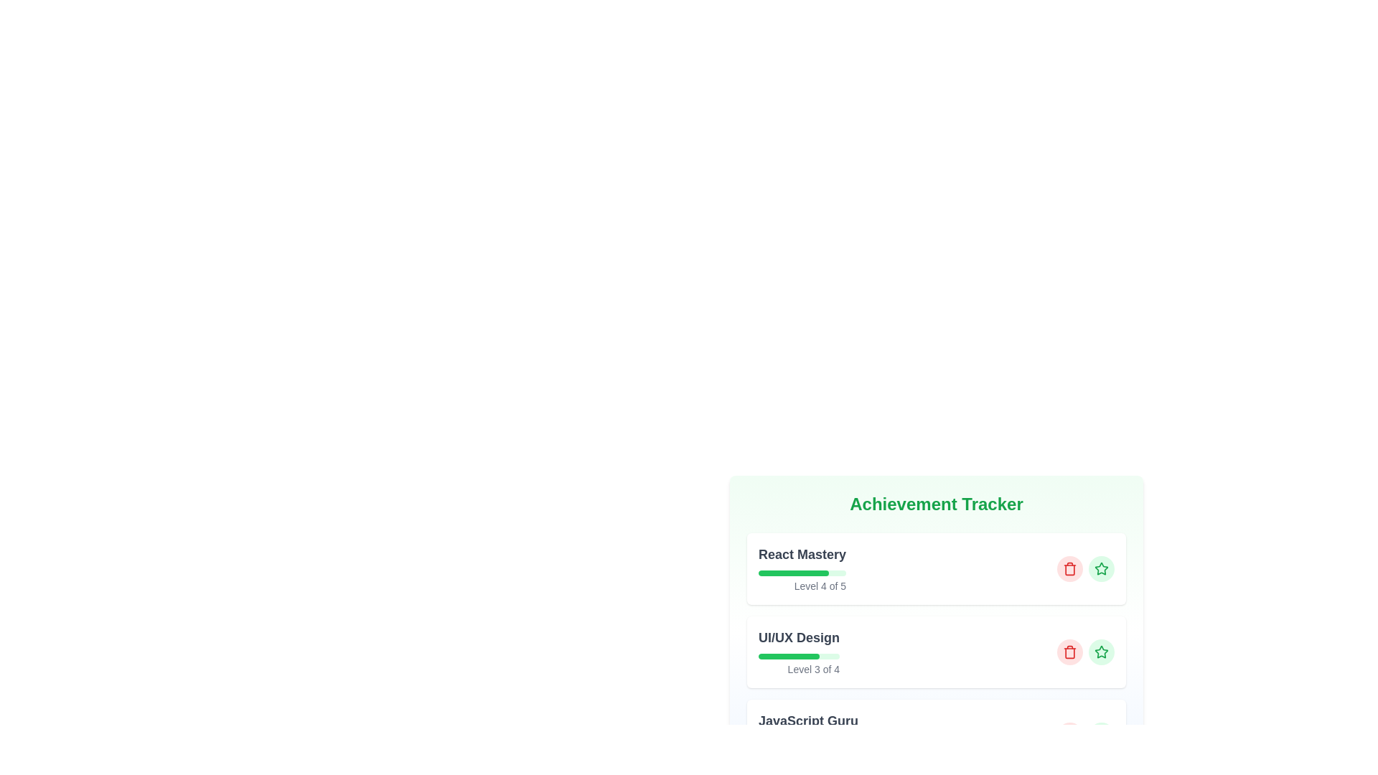 The height and width of the screenshot is (775, 1378). Describe the element at coordinates (1101, 652) in the screenshot. I see `the Interactive icon located at the top right corner of the 'React Mastery' list item in the 'Achievement Tracker' section` at that location.